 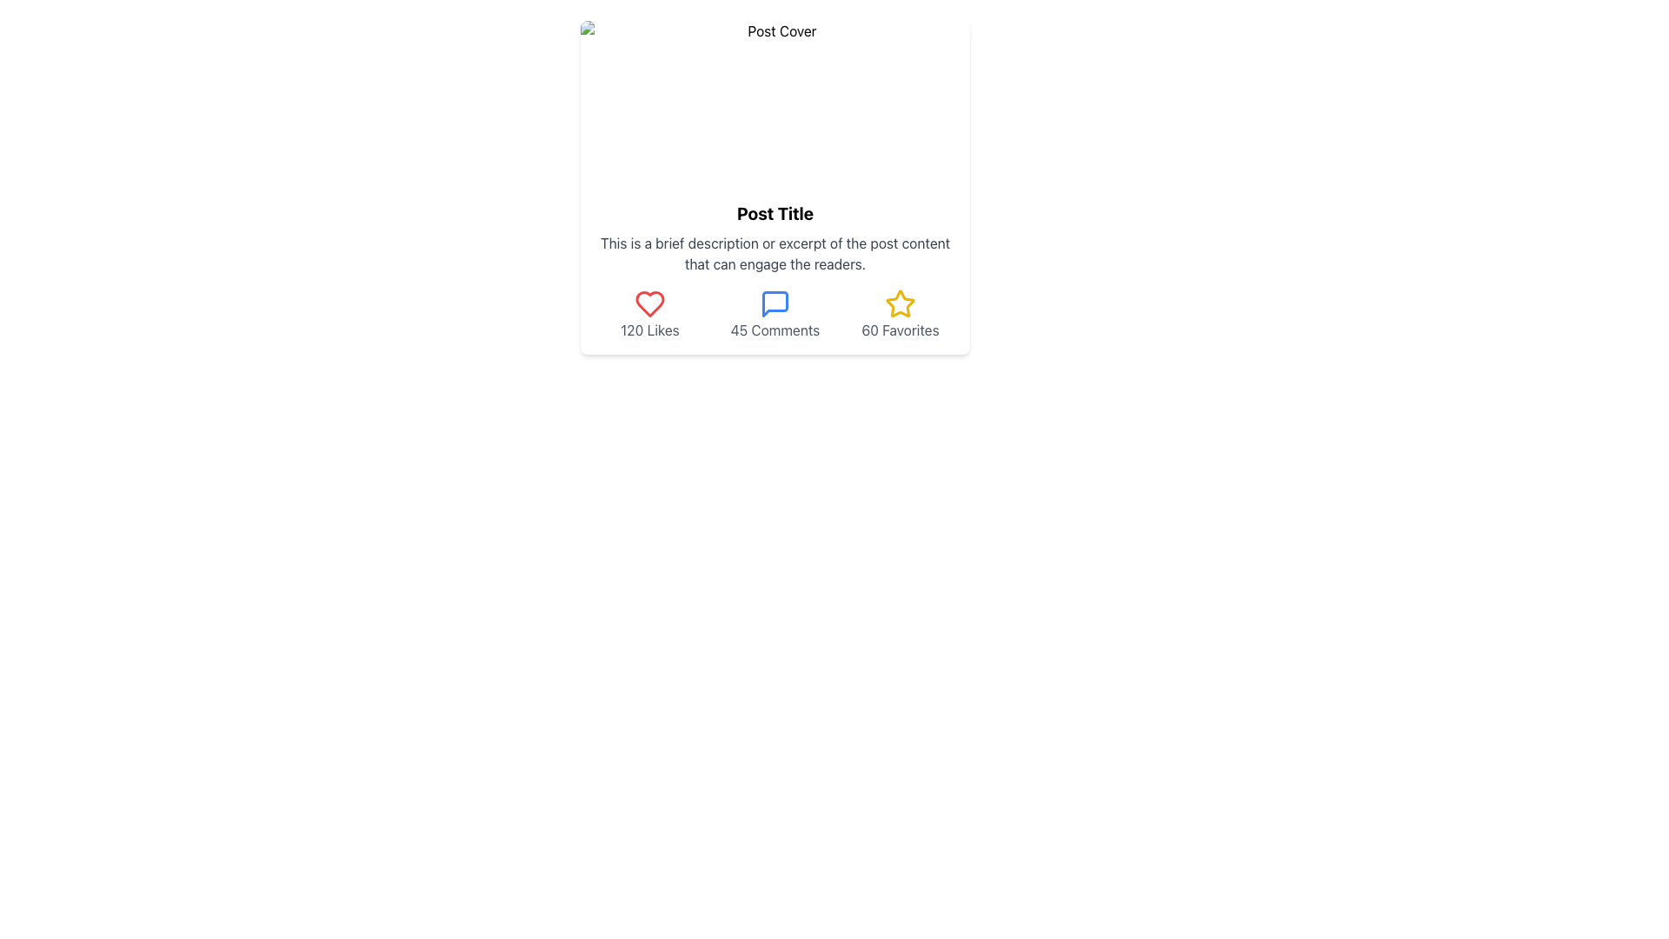 I want to click on the Text Display element that shows the number of comments associated with the content, located centrally in the bottom section of the interface, so click(x=775, y=330).